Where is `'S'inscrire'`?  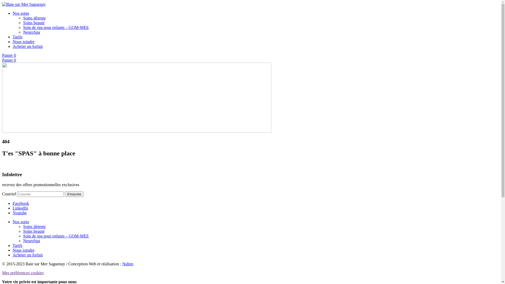 'S'inscrire' is located at coordinates (74, 194).